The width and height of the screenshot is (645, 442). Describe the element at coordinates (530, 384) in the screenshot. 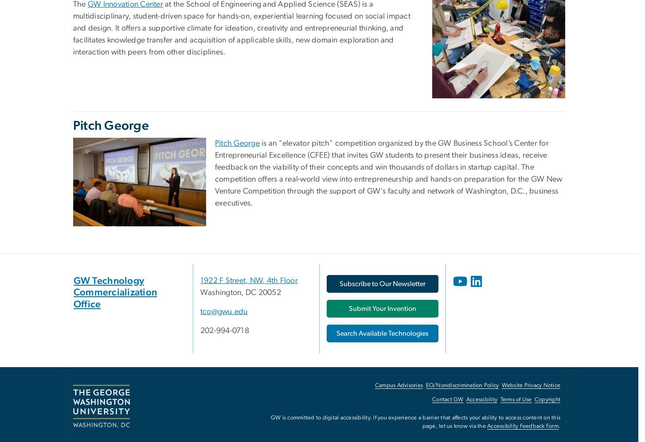

I see `'Website Privacy Notice'` at that location.